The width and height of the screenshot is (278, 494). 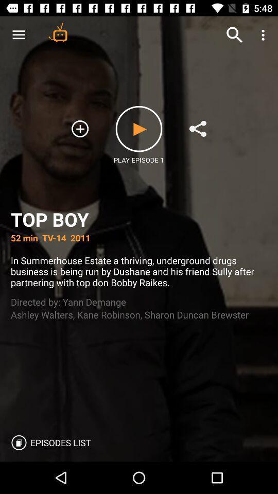 What do you see at coordinates (139, 128) in the screenshot?
I see `the play icon` at bounding box center [139, 128].